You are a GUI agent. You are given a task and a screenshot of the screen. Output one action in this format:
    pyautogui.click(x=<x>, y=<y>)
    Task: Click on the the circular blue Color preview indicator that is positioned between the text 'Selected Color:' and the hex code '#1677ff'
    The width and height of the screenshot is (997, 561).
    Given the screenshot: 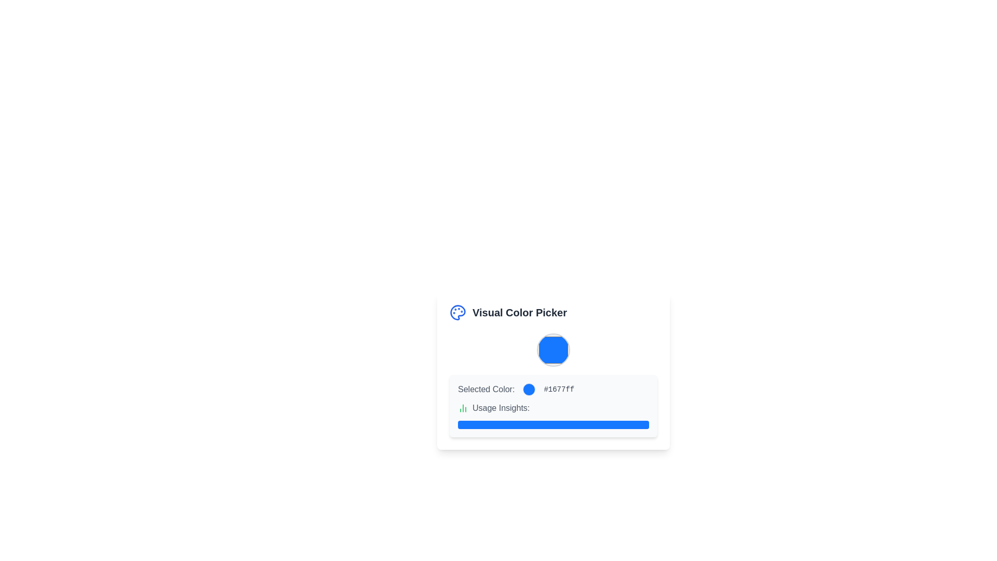 What is the action you would take?
    pyautogui.click(x=529, y=389)
    